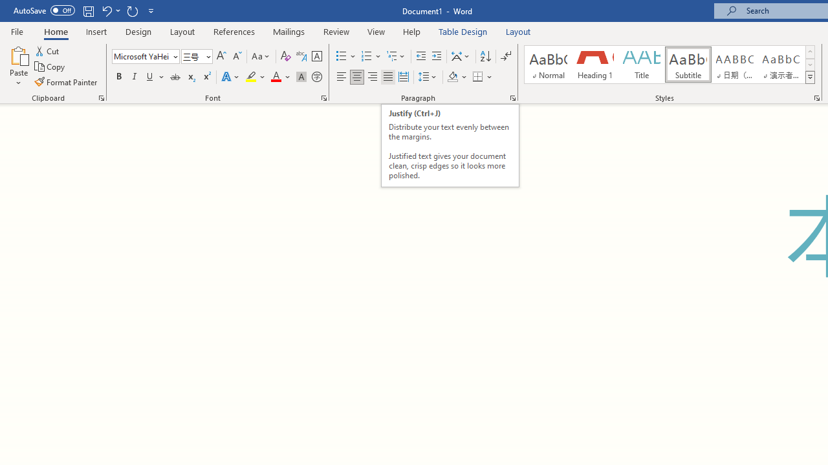 Image resolution: width=828 pixels, height=465 pixels. I want to click on 'Styles', so click(809, 77).